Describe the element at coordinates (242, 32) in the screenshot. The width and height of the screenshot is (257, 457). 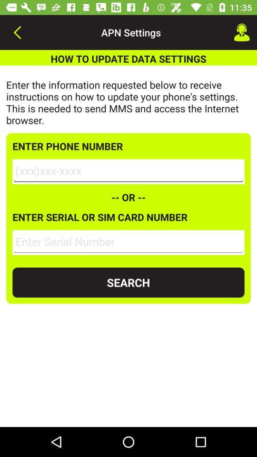
I see `icon at the top right corner` at that location.